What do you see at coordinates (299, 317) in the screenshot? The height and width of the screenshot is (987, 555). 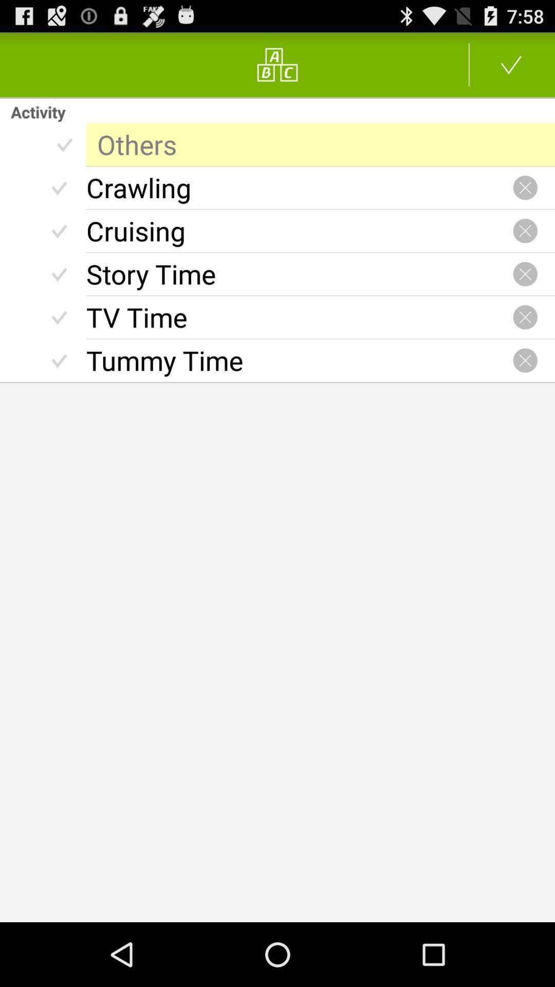 I see `tv time icon` at bounding box center [299, 317].